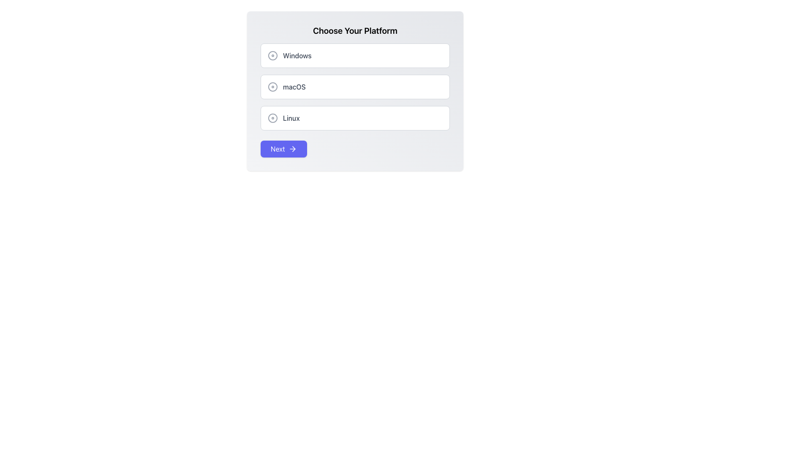 Image resolution: width=811 pixels, height=456 pixels. Describe the element at coordinates (273, 55) in the screenshot. I see `the Decorative icon (circular graphic) which is a gray outlined circular shape located to the left of the text 'Windows'` at that location.